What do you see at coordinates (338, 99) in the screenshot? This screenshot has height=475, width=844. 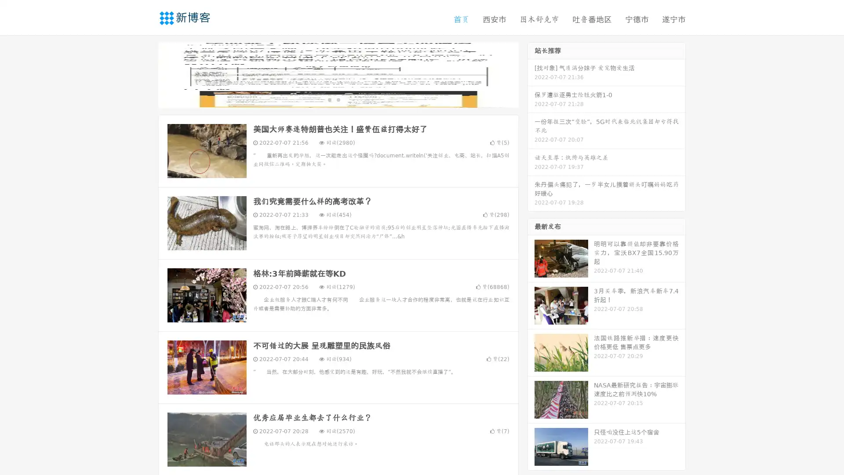 I see `Go to slide 2` at bounding box center [338, 99].